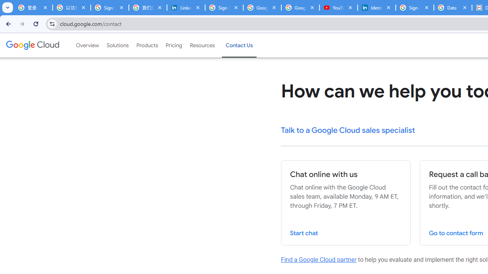 The image size is (488, 274). I want to click on 'Google Cloud', so click(32, 45).